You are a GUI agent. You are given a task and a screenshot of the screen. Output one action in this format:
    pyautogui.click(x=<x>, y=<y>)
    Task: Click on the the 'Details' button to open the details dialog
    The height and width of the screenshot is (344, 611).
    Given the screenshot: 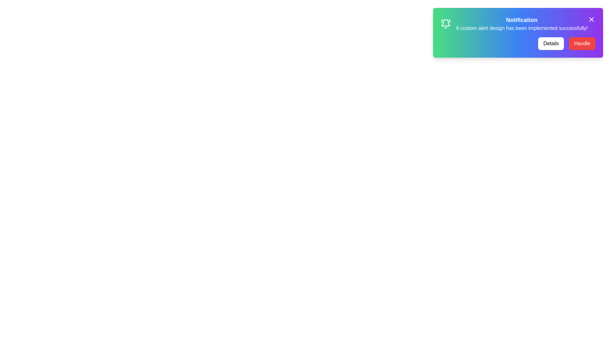 What is the action you would take?
    pyautogui.click(x=551, y=43)
    